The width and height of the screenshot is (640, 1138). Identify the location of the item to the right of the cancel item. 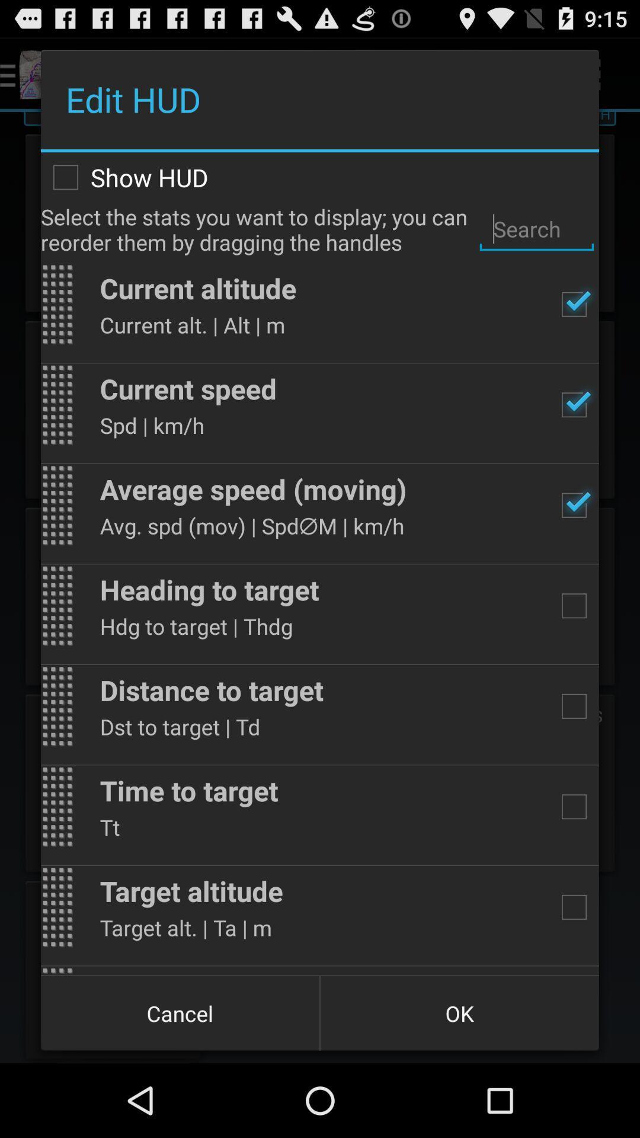
(459, 1012).